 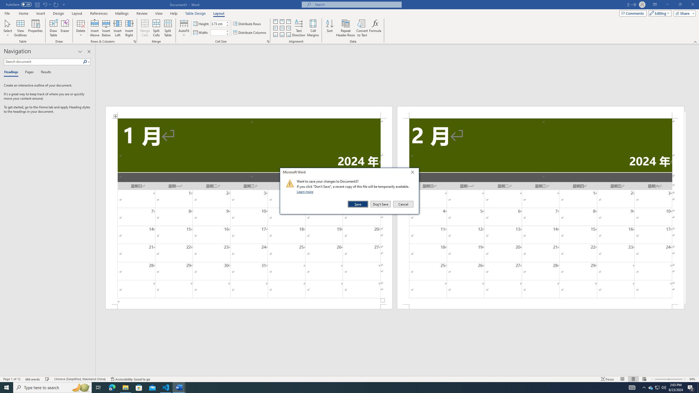 I want to click on 'Quick Access Toolbar', so click(x=35, y=4).